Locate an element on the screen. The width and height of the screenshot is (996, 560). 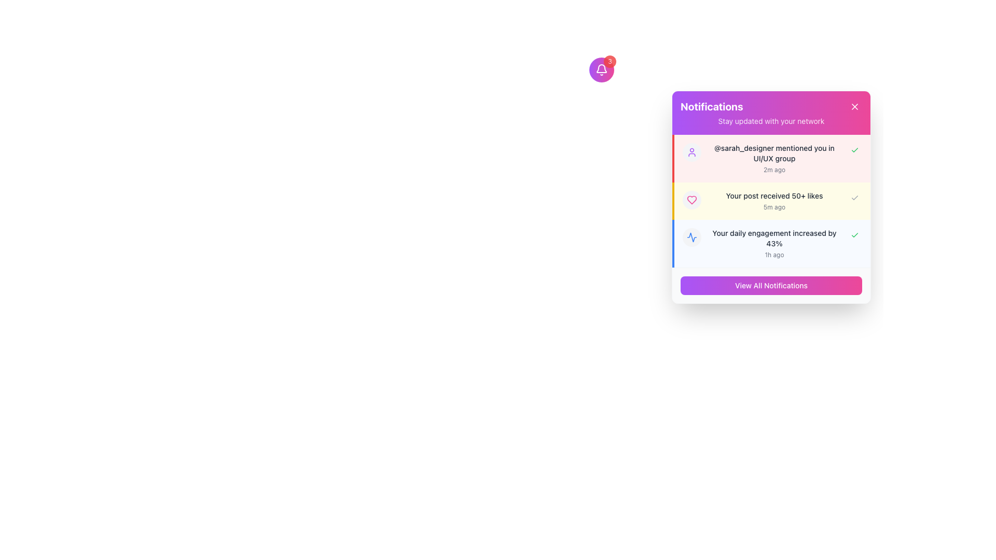
text label displaying '5m ago' located below the notification text in the second notification item of the notification panel is located at coordinates (774, 207).